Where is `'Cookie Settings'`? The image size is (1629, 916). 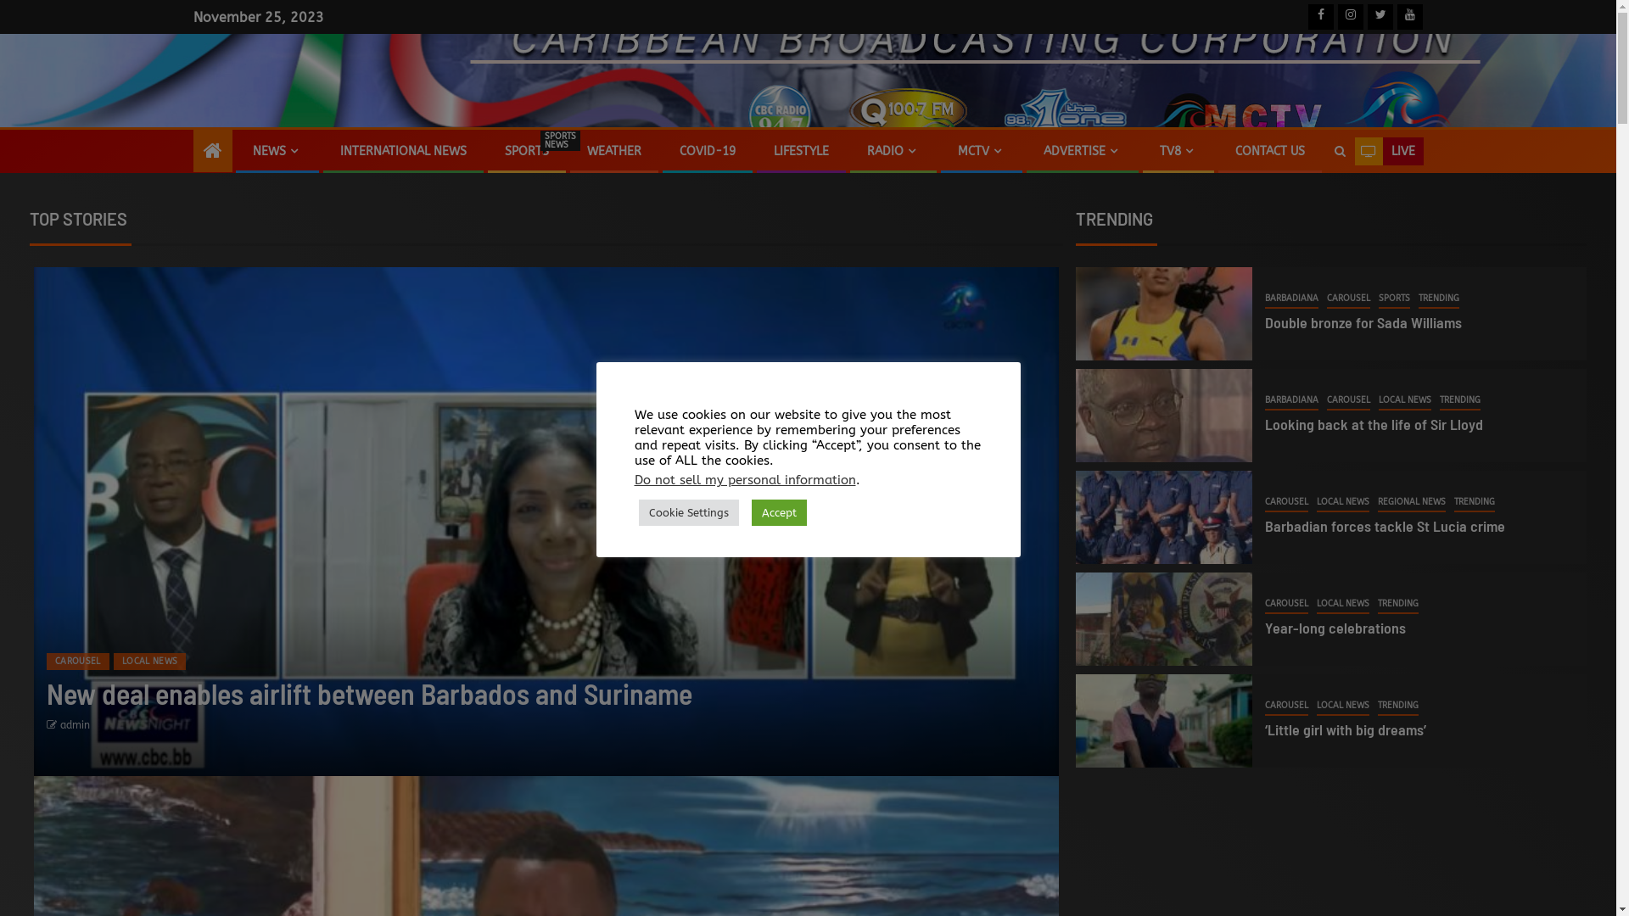
'Cookie Settings' is located at coordinates (688, 511).